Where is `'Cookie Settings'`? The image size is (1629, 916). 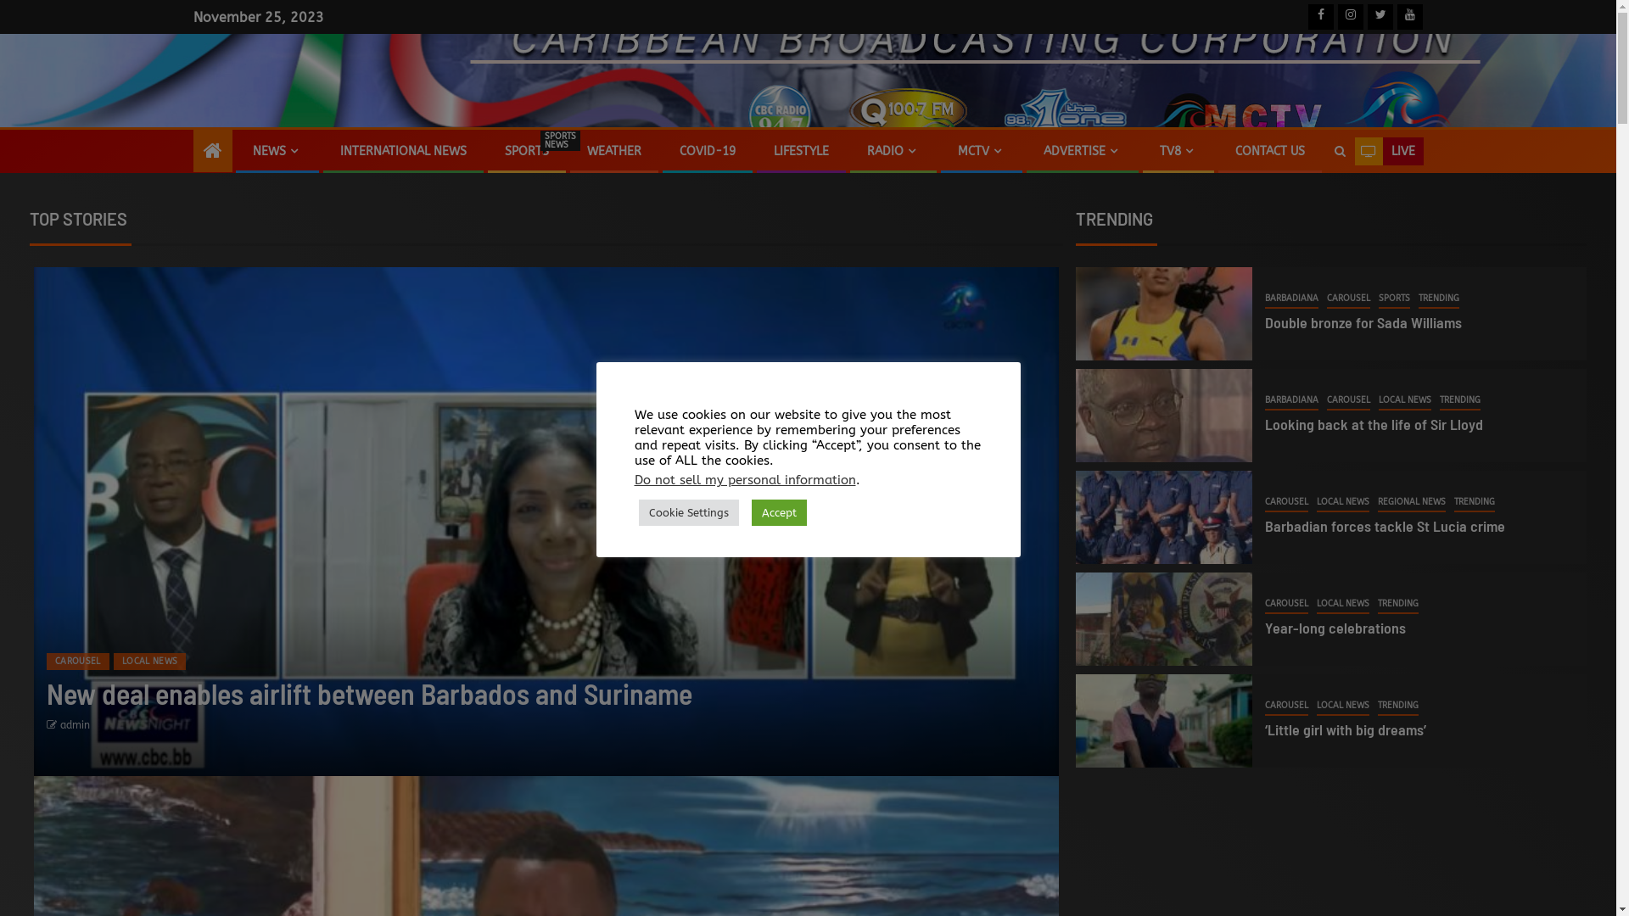
'Cookie Settings' is located at coordinates (688, 511).